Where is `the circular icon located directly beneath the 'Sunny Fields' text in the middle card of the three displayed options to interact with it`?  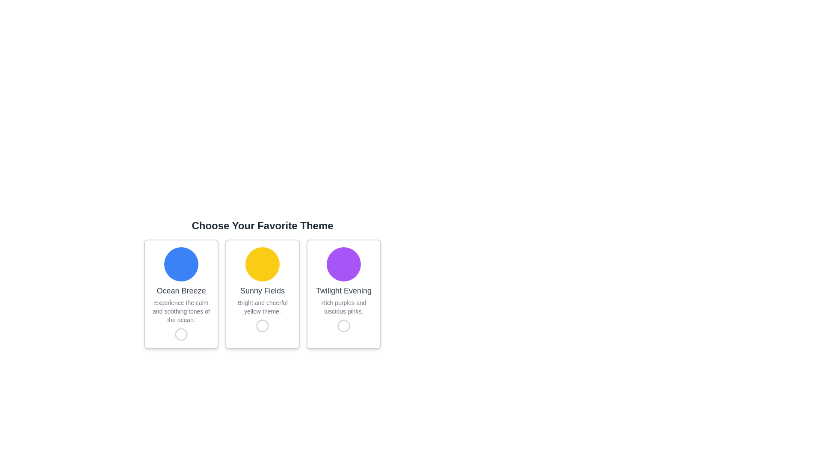 the circular icon located directly beneath the 'Sunny Fields' text in the middle card of the three displayed options to interact with it is located at coordinates (262, 326).